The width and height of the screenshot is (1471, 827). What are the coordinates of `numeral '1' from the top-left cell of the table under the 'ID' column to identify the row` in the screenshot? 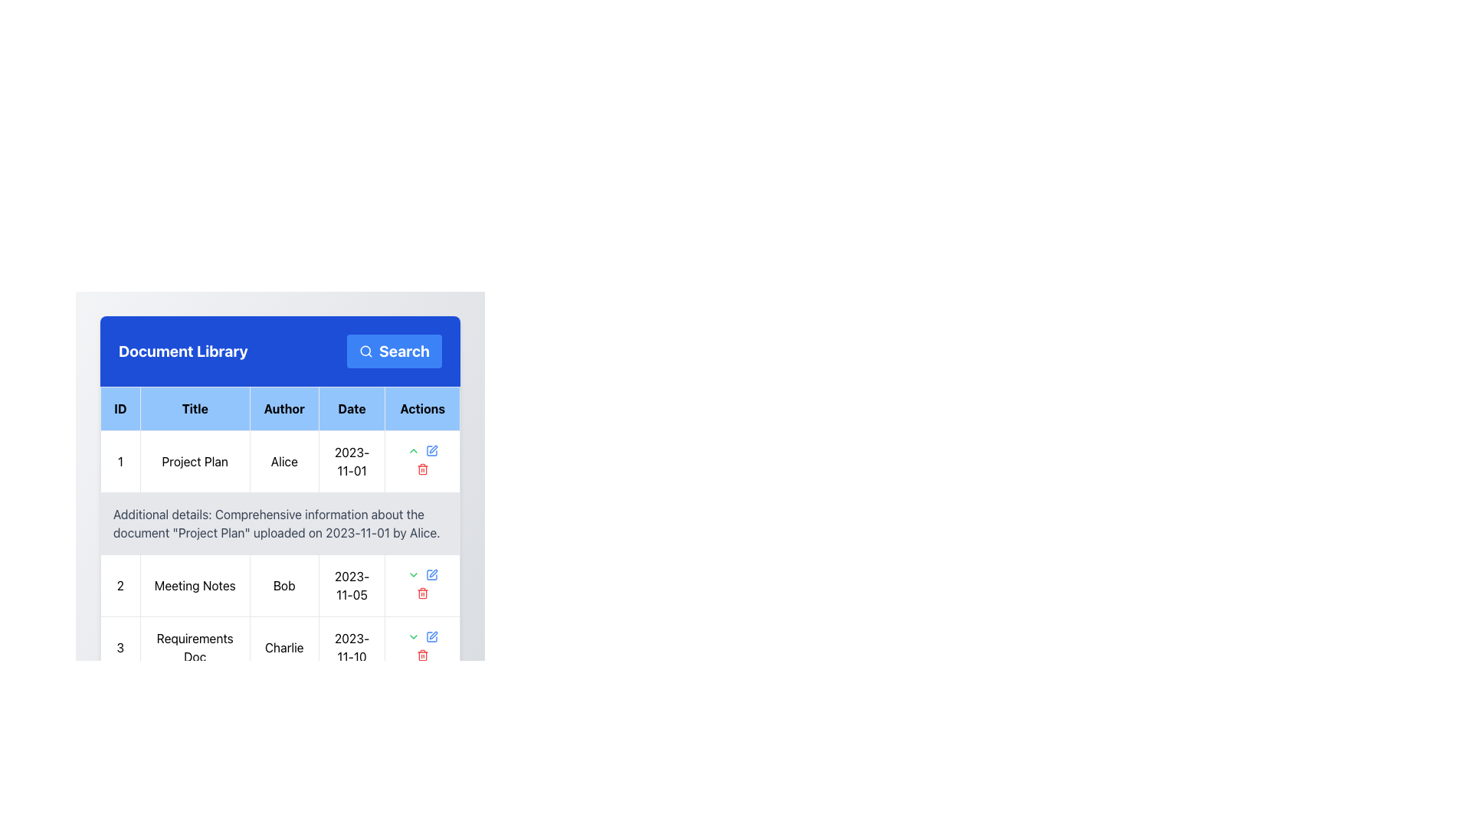 It's located at (120, 460).